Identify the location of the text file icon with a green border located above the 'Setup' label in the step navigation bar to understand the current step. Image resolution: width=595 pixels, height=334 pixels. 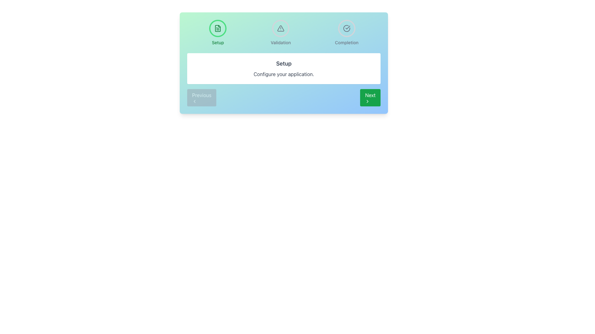
(218, 28).